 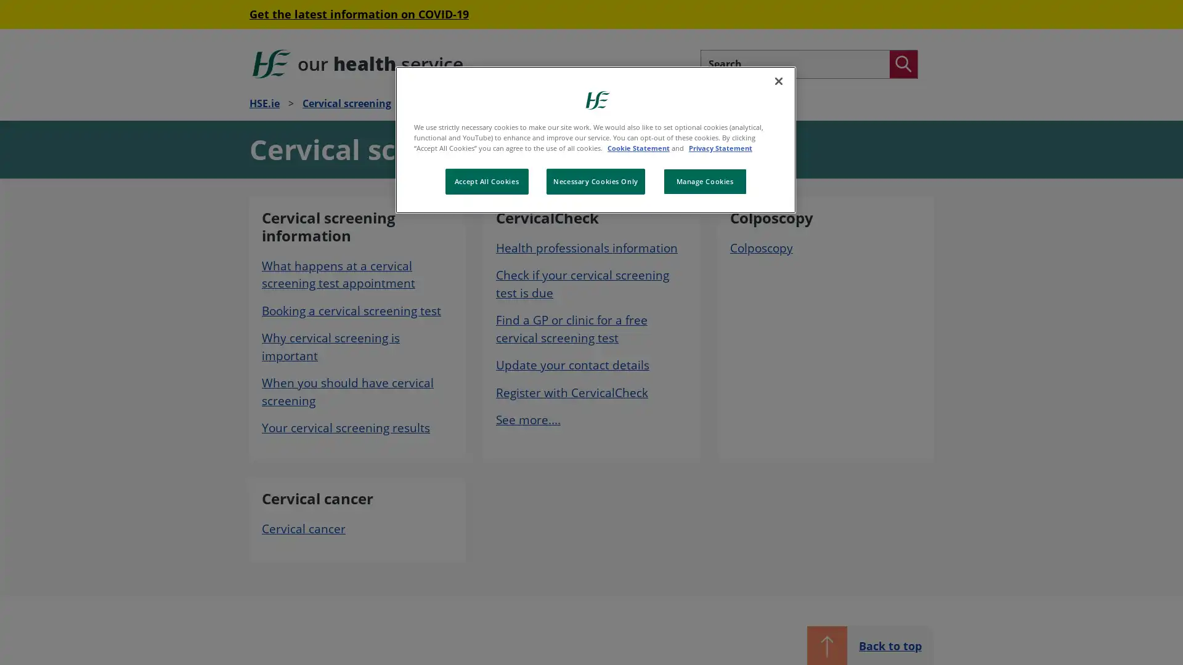 I want to click on Accept All Cookies, so click(x=486, y=181).